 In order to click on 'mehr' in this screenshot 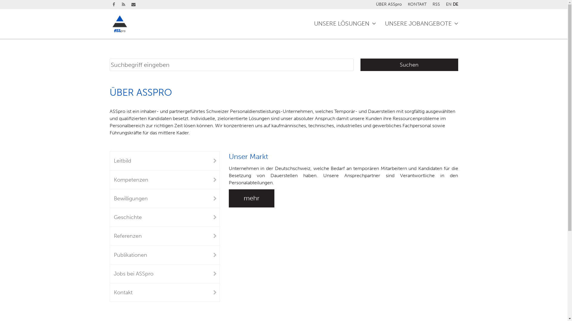, I will do `click(251, 198)`.